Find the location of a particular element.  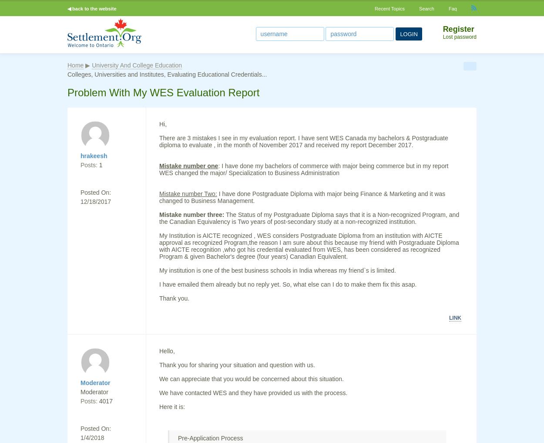

'Mistake number three:' is located at coordinates (159, 214).